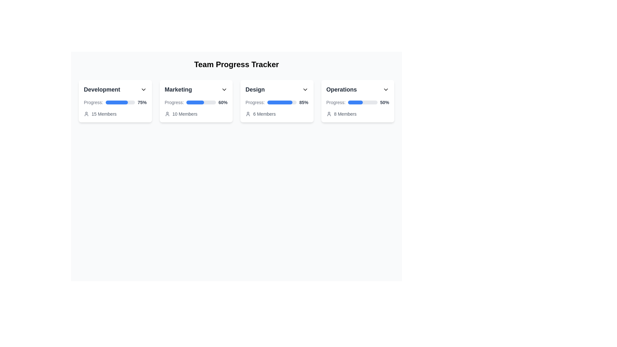 The height and width of the screenshot is (347, 617). What do you see at coordinates (167, 113) in the screenshot?
I see `the user/member icon located at the bottom-left corner of the 'Marketing' card, which visually represents the number of members present` at bounding box center [167, 113].